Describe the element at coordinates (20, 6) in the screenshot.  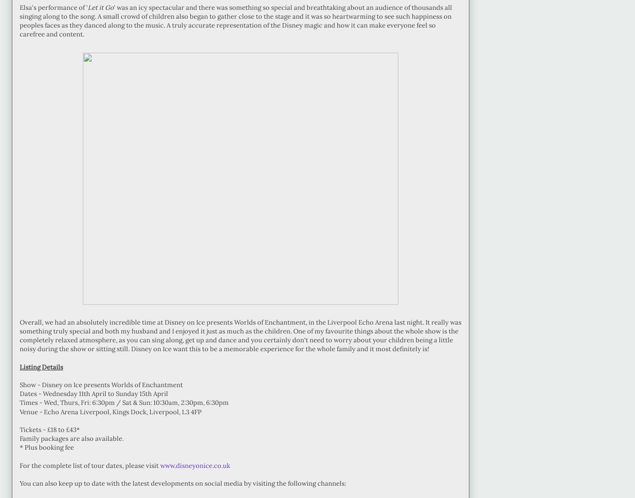
I see `'Elsa's performance of ''` at that location.